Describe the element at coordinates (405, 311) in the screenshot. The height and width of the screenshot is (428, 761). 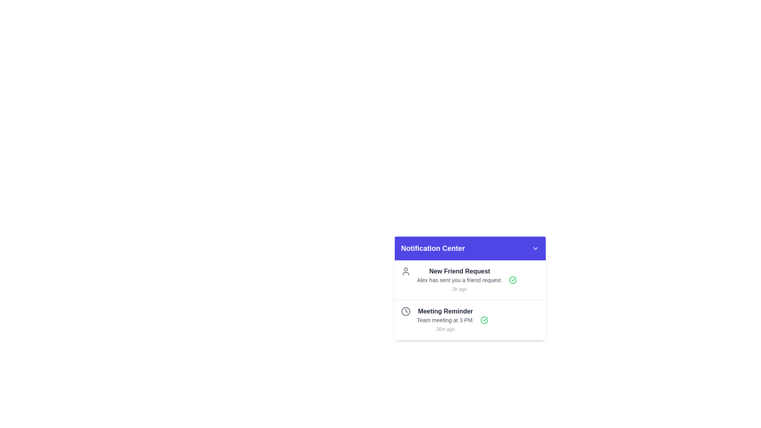
I see `the SVG Circle Element that forms the outline of the clock face in the 'Meeting Reminder' notification within the 'Notification Center'` at that location.